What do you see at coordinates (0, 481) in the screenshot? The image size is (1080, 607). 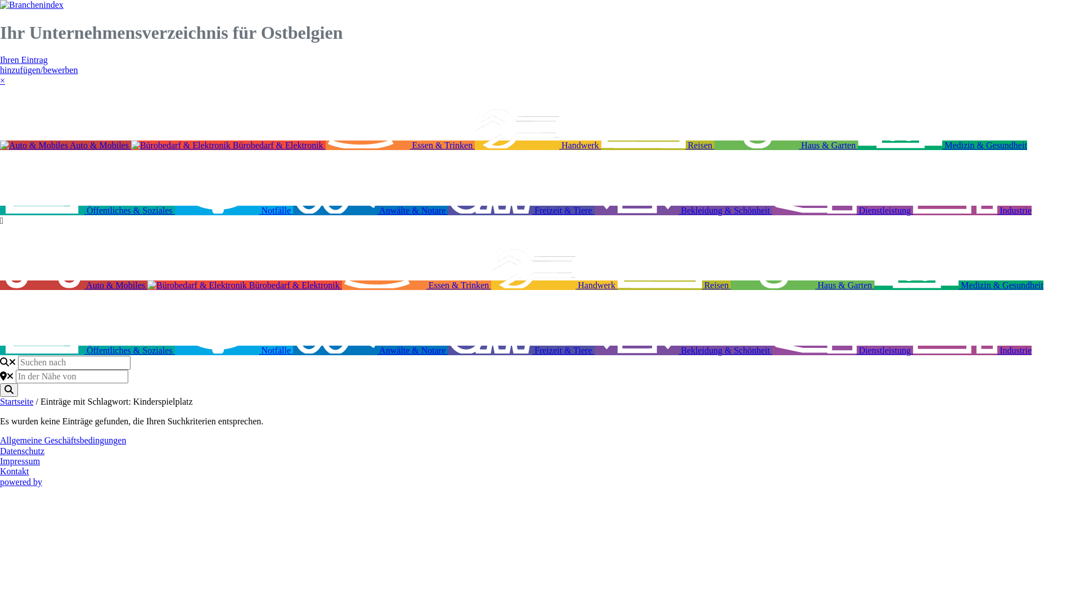 I see `'powered by'` at bounding box center [0, 481].